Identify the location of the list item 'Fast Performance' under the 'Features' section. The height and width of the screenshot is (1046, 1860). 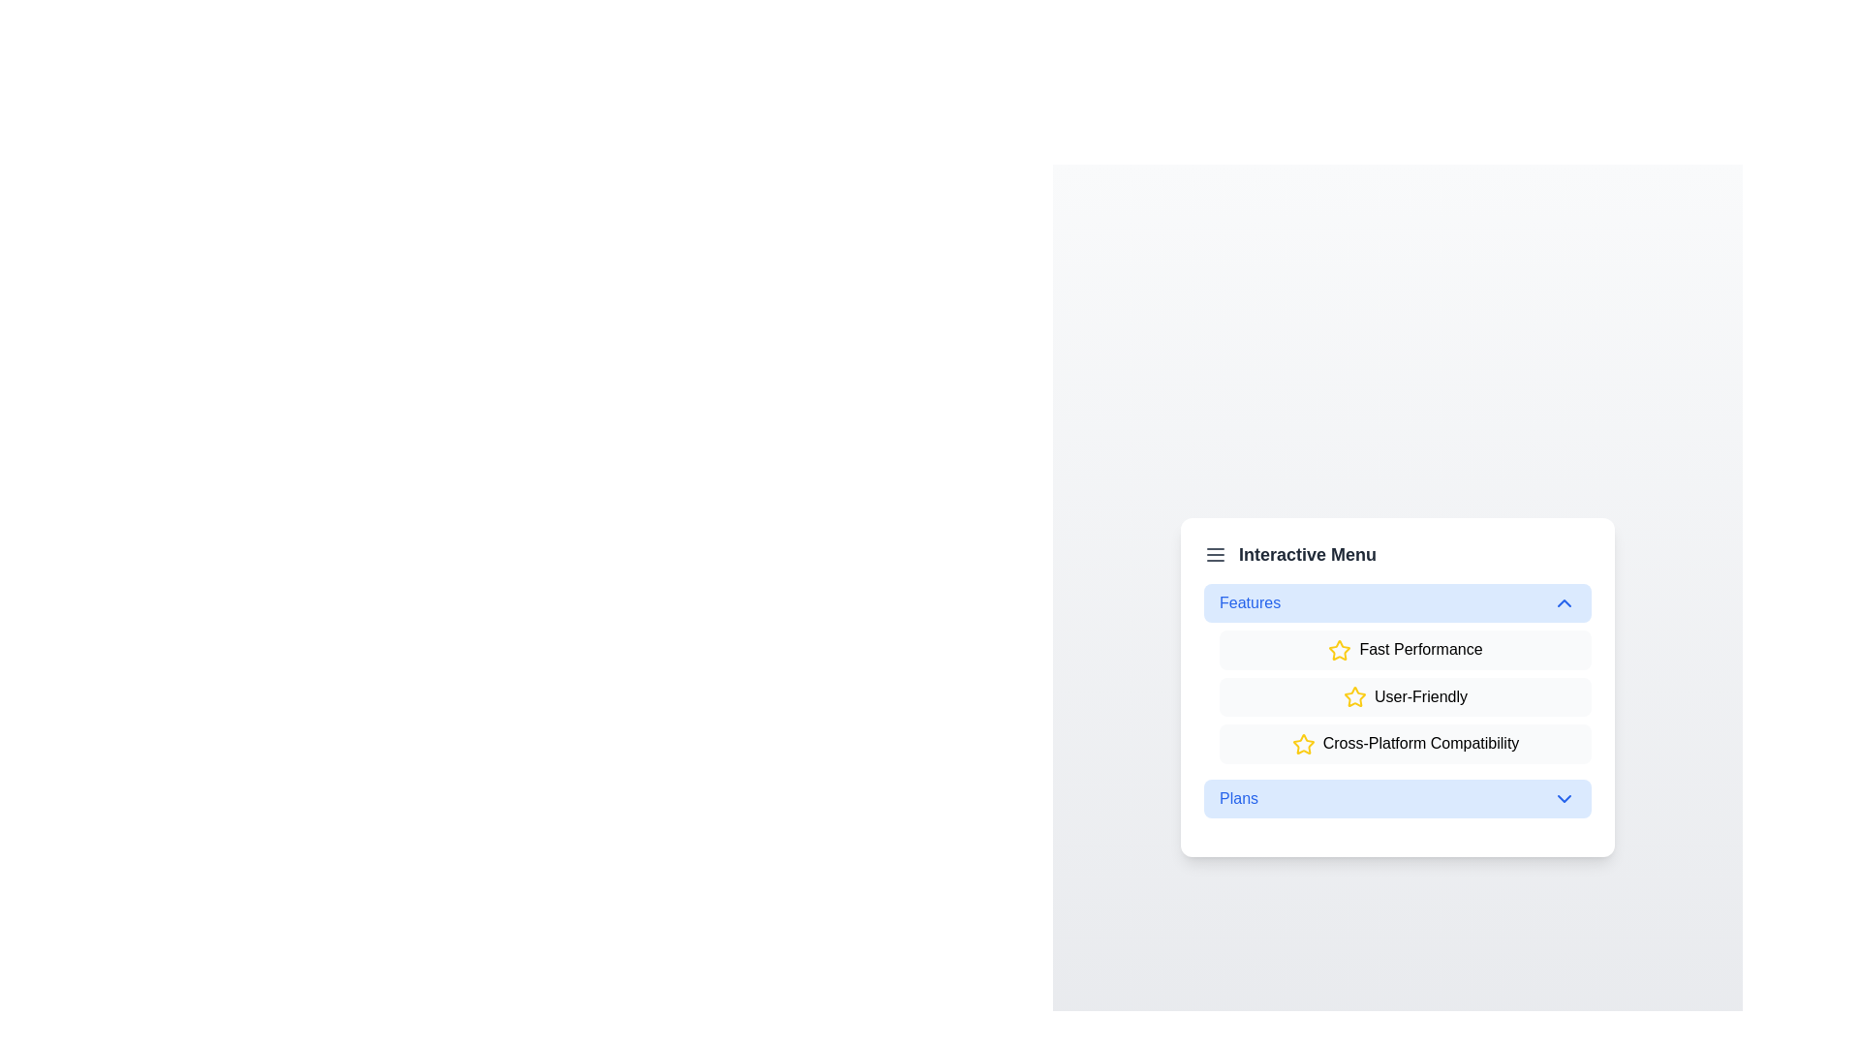
(1405, 650).